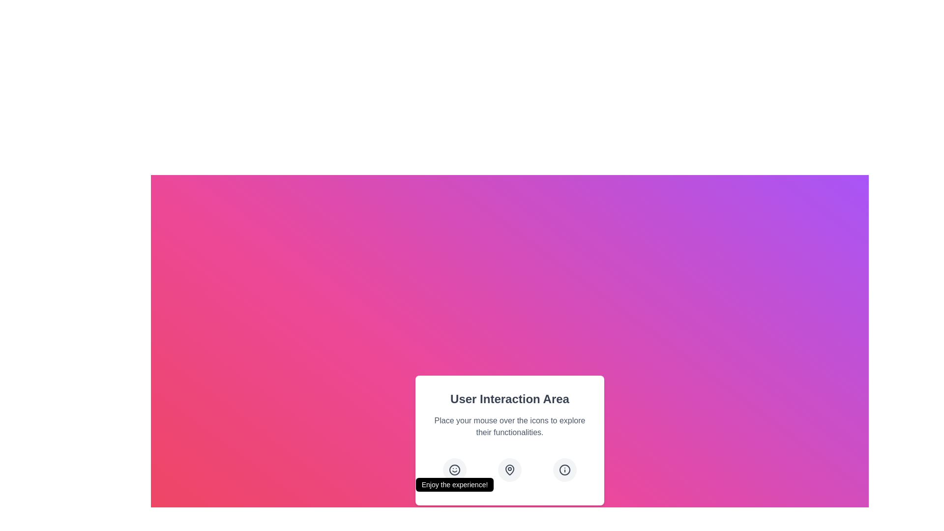  Describe the element at coordinates (509, 469) in the screenshot. I see `the outlined gray map pin icon located in the bottom center section of the interface within the 'User Interaction Area'` at that location.